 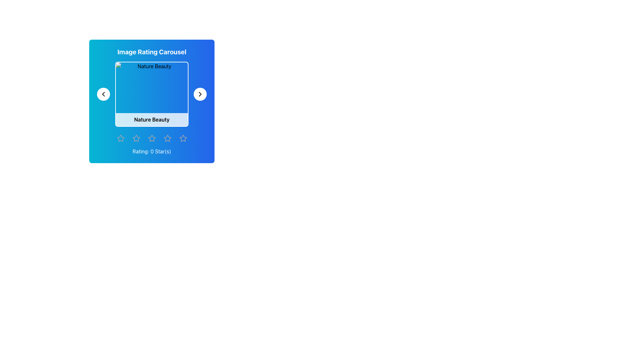 What do you see at coordinates (167, 138) in the screenshot?
I see `on the fifth star icon in the rating system` at bounding box center [167, 138].